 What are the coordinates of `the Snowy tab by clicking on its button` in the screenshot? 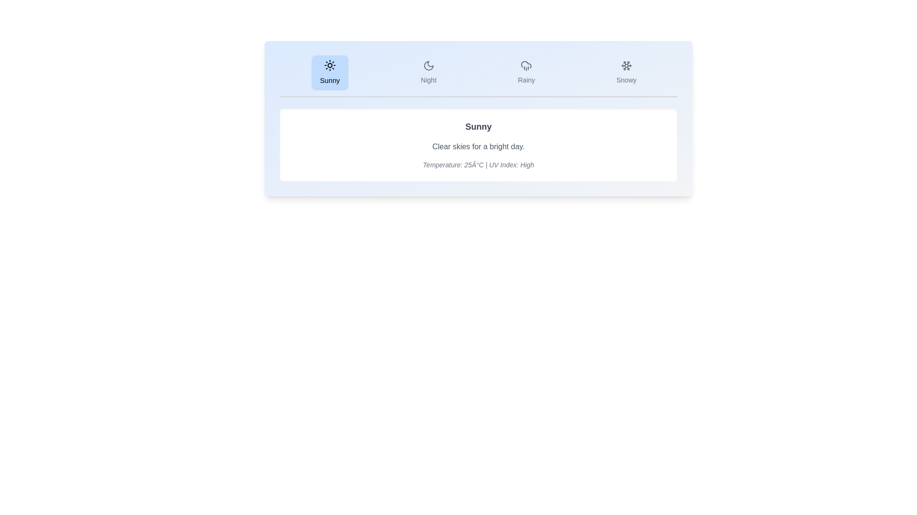 It's located at (626, 72).